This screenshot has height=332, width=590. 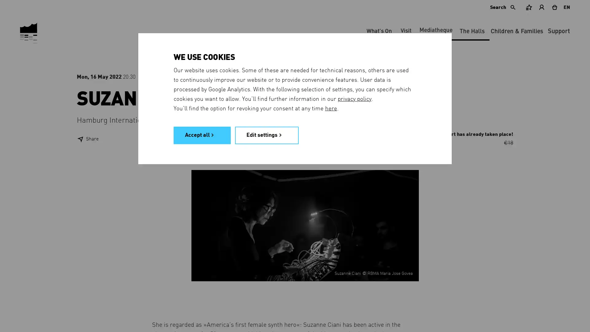 I want to click on Search, so click(x=503, y=7).